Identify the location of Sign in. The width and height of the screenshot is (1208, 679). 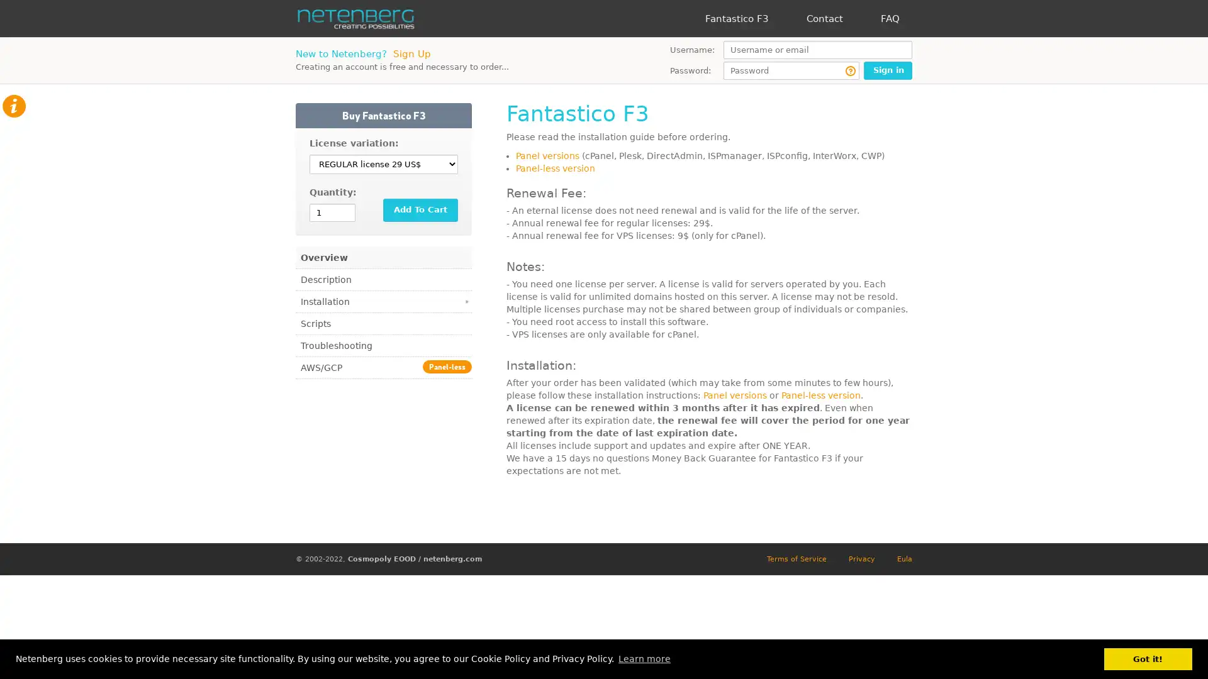
(887, 70).